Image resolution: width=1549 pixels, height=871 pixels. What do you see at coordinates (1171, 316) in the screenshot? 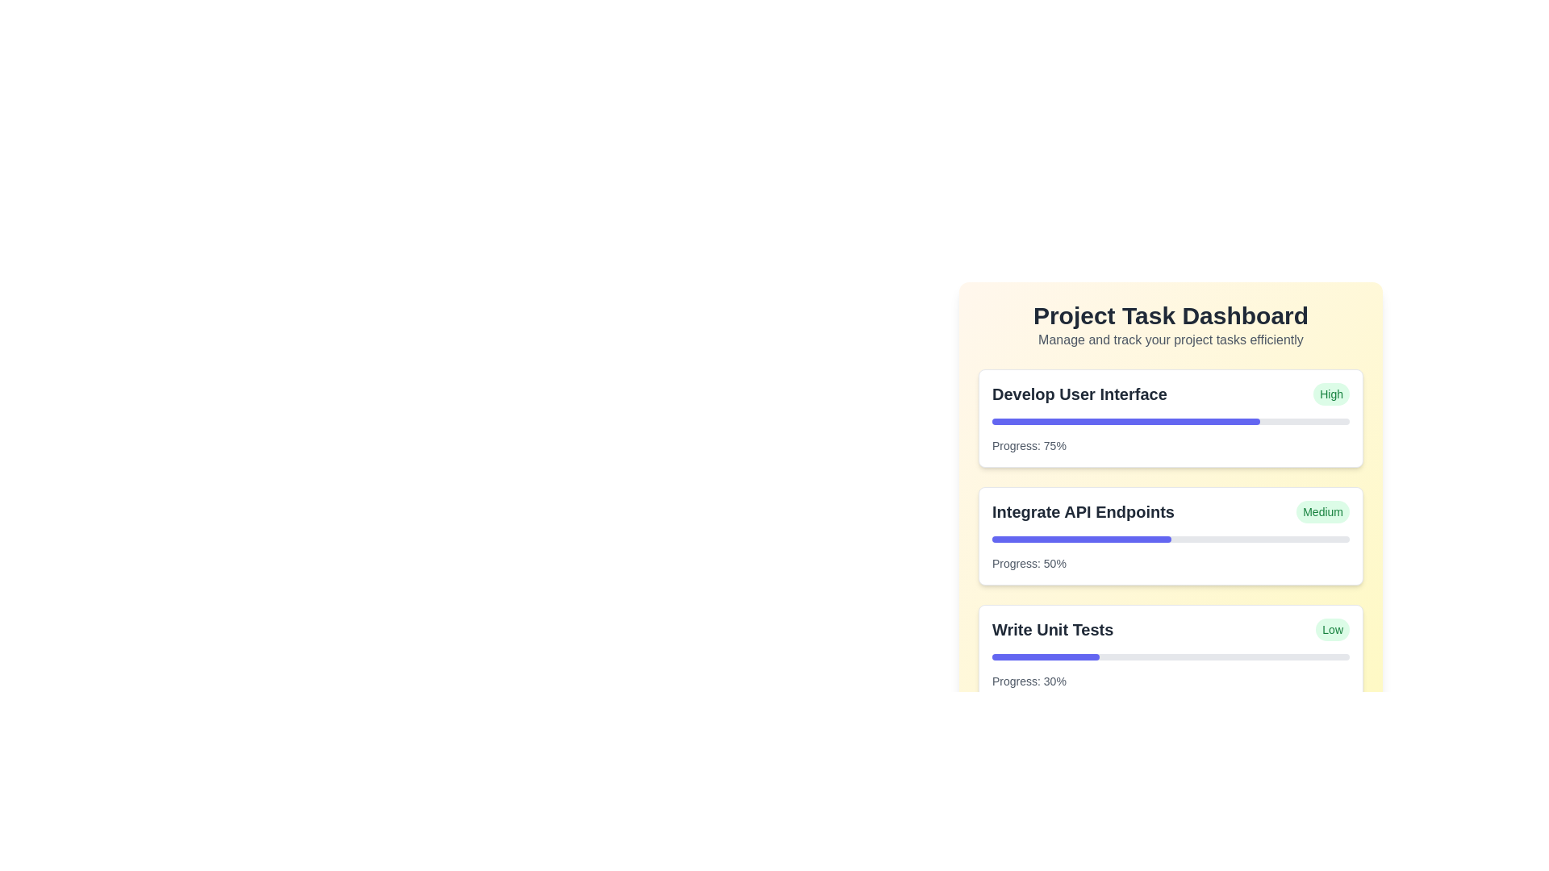
I see `the Header Text element, which signifies the title of the dashboard or application section, located at the topmost part of the interface, centrally positioned above the description text` at bounding box center [1171, 316].